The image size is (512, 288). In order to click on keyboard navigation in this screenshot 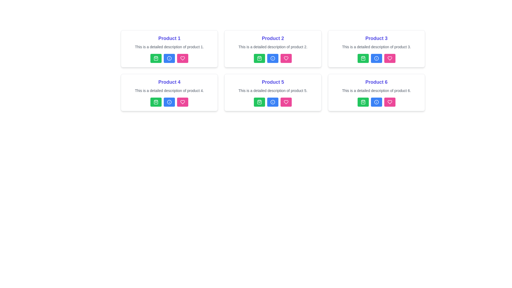, I will do `click(259, 102)`.